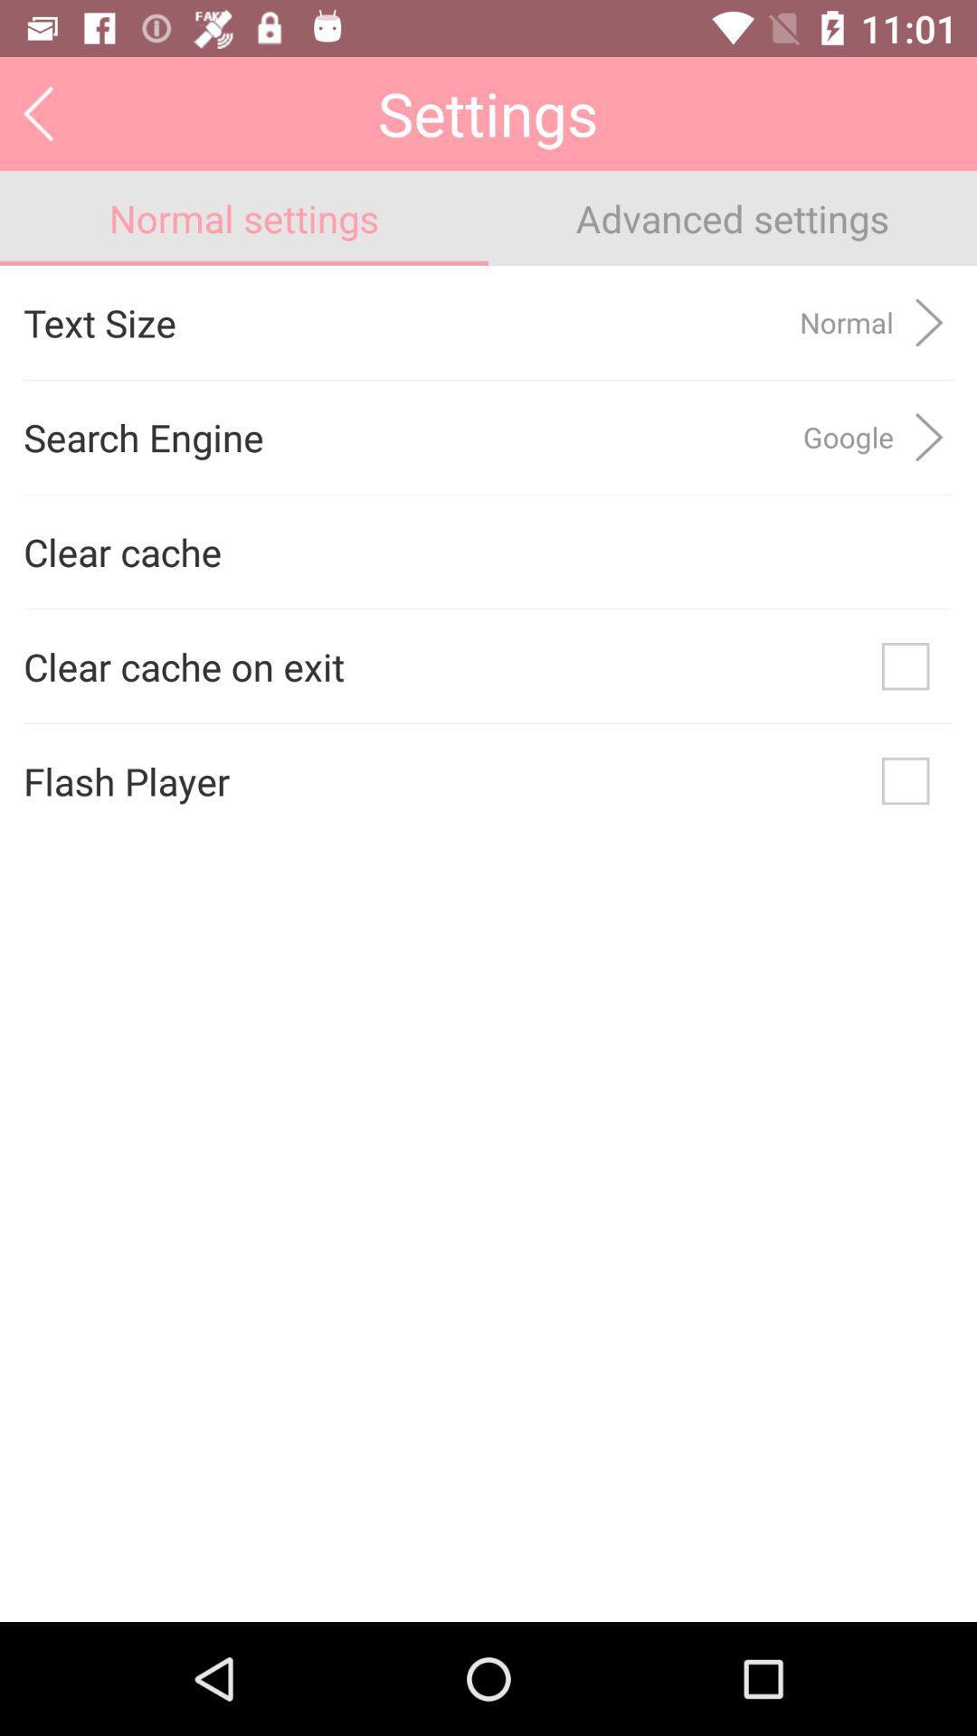  I want to click on go back, so click(38, 112).